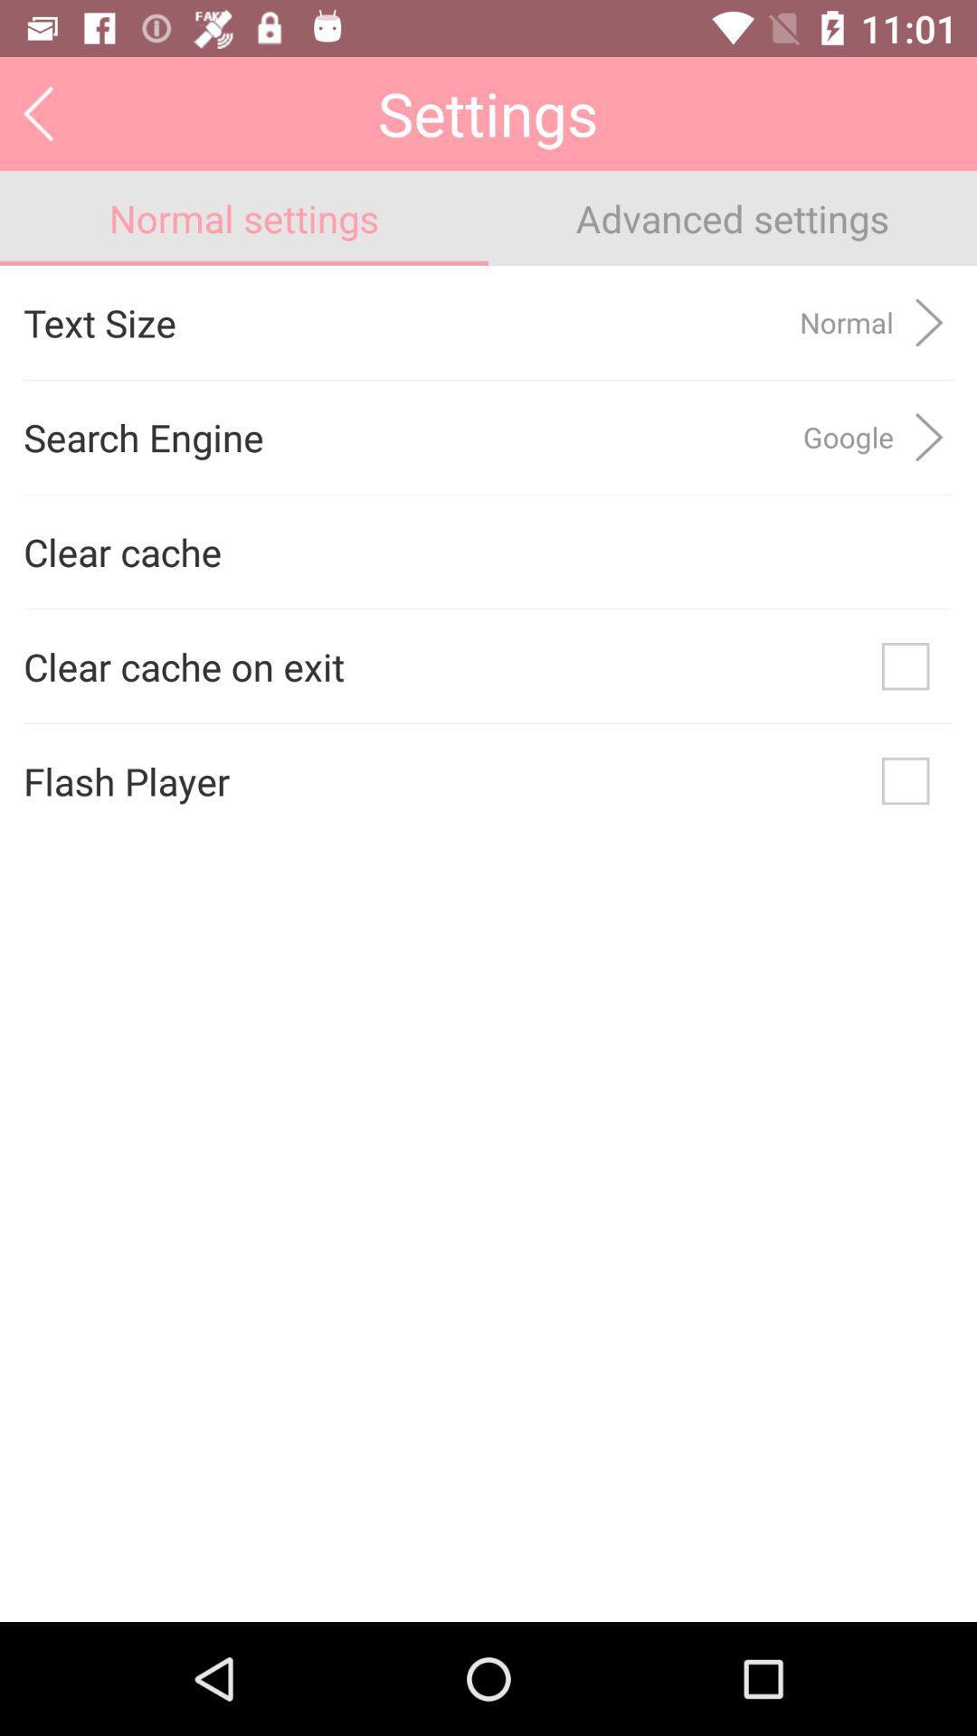  I want to click on go back, so click(38, 112).